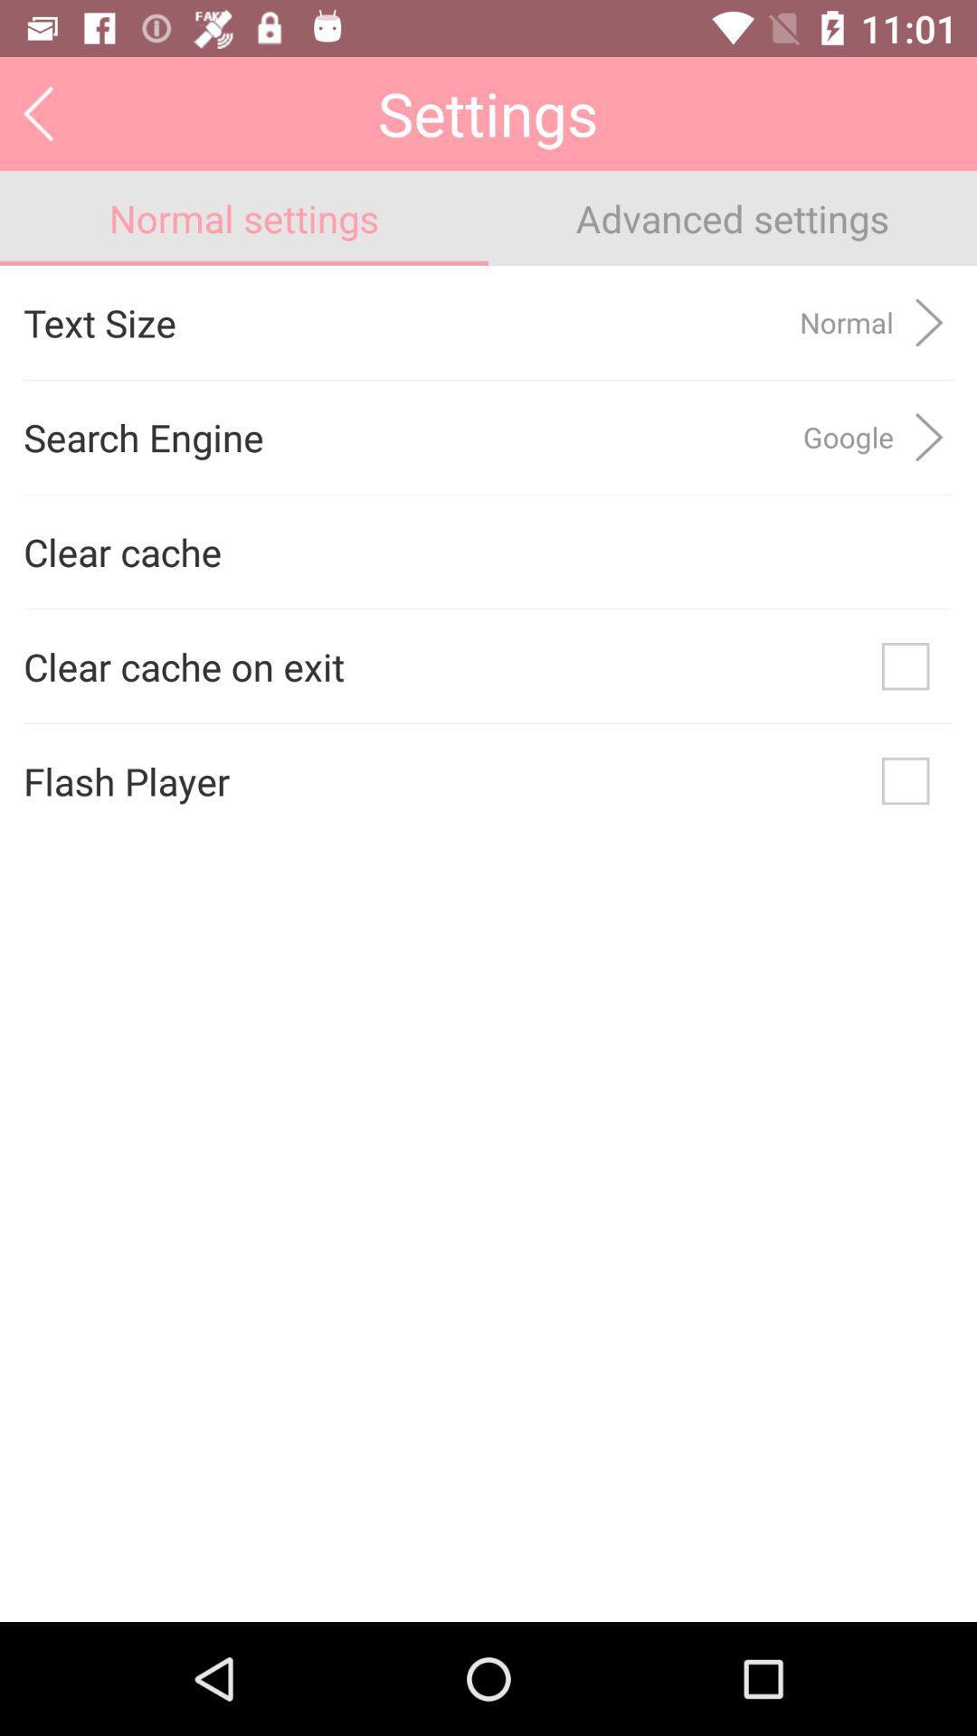  I want to click on go back, so click(38, 112).